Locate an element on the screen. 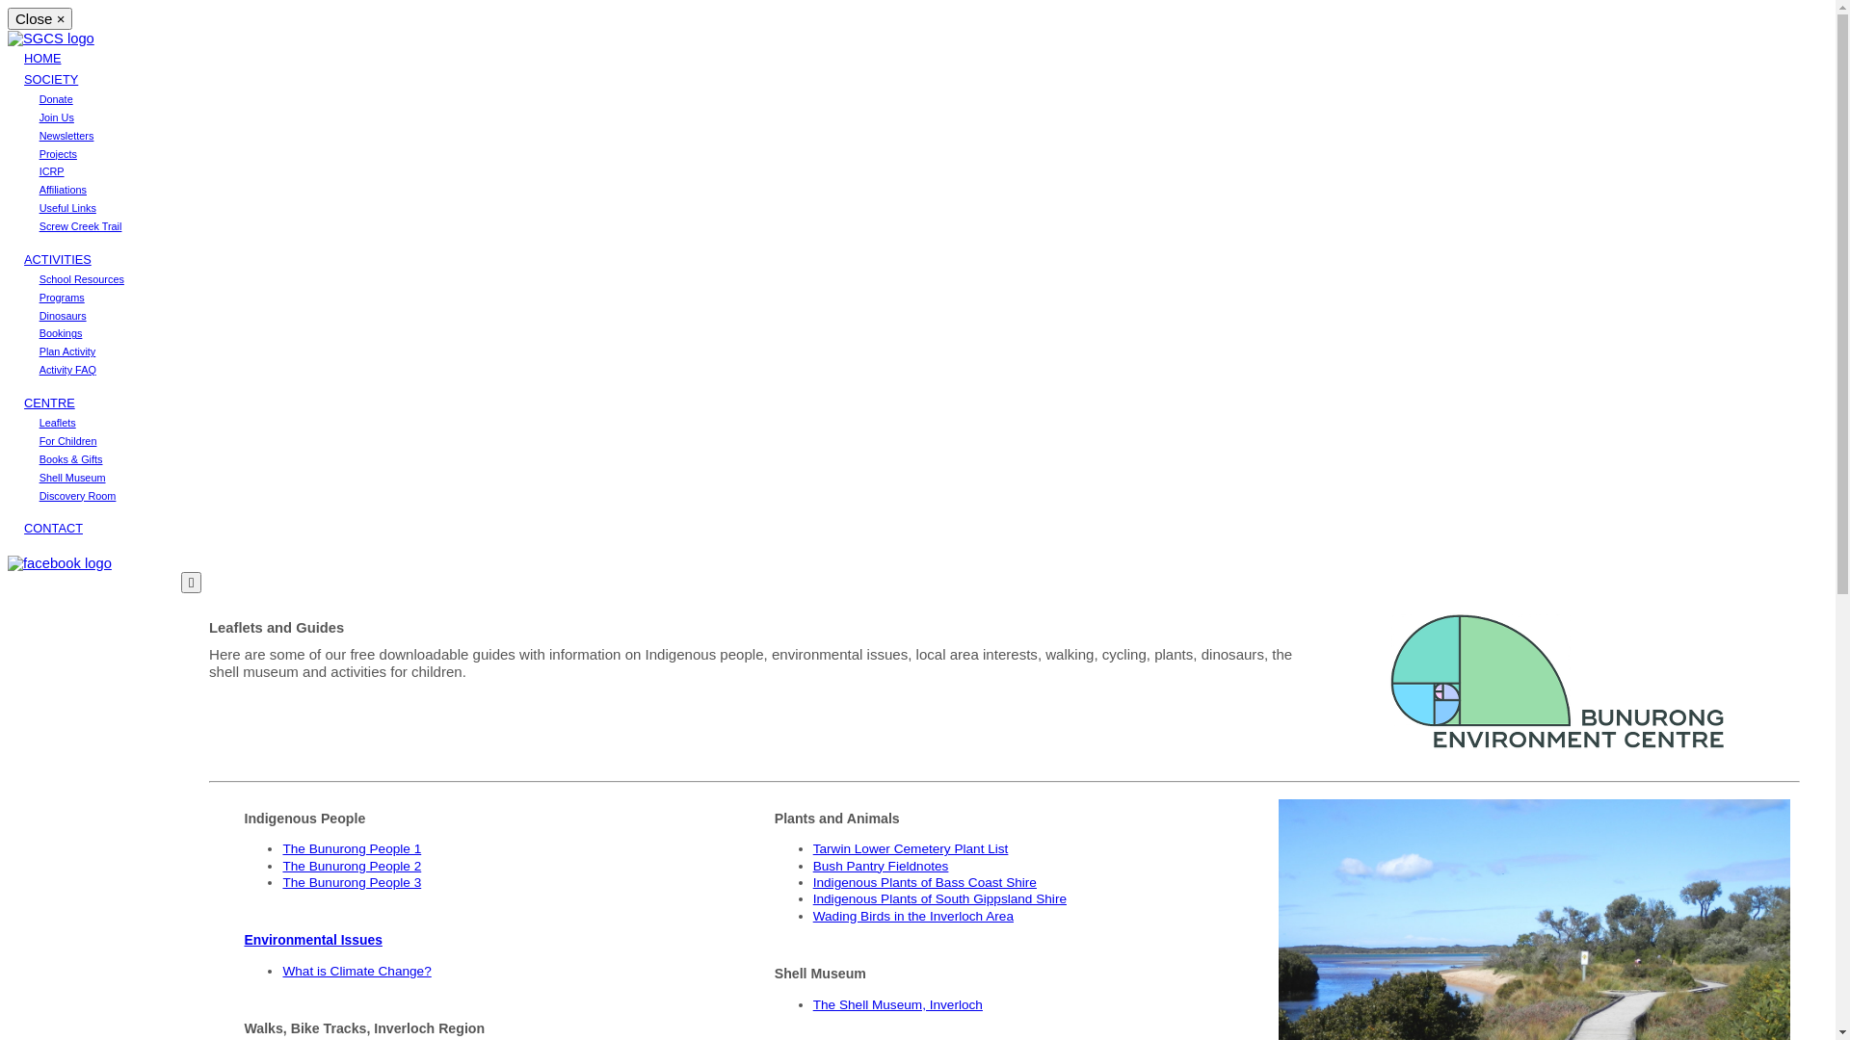 This screenshot has height=1040, width=1850. 'Join Us' is located at coordinates (40, 117).